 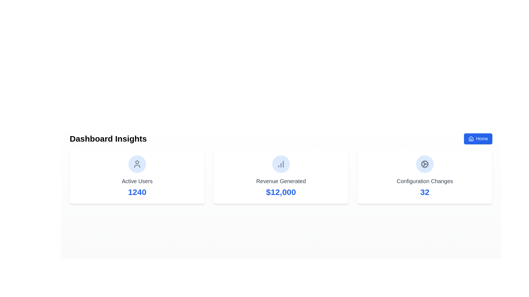 What do you see at coordinates (108, 139) in the screenshot?
I see `the 'Dashboard Insights' text label, which is styled in a large, bold font and is positioned prominently near the top-left part of the interface, preceding the 'Home' button` at bounding box center [108, 139].